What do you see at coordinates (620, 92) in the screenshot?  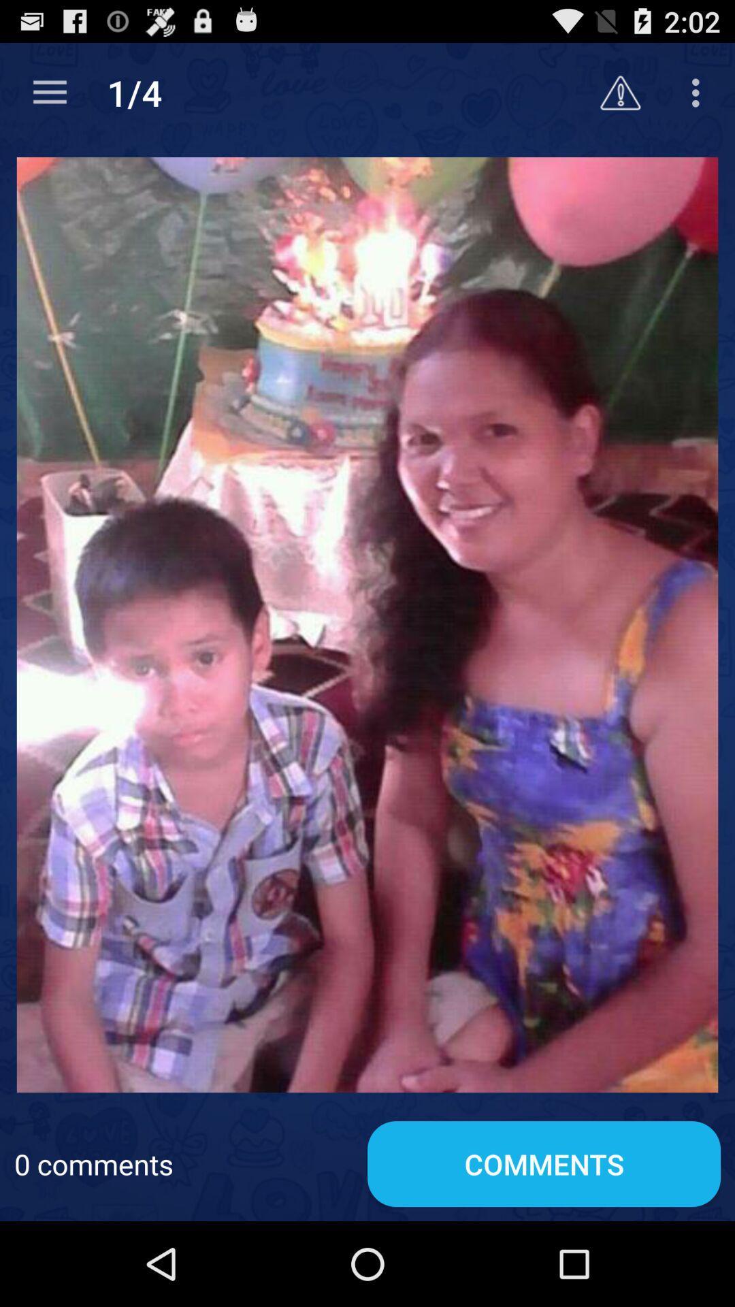 I see `the app to the right of the 1/4 icon` at bounding box center [620, 92].